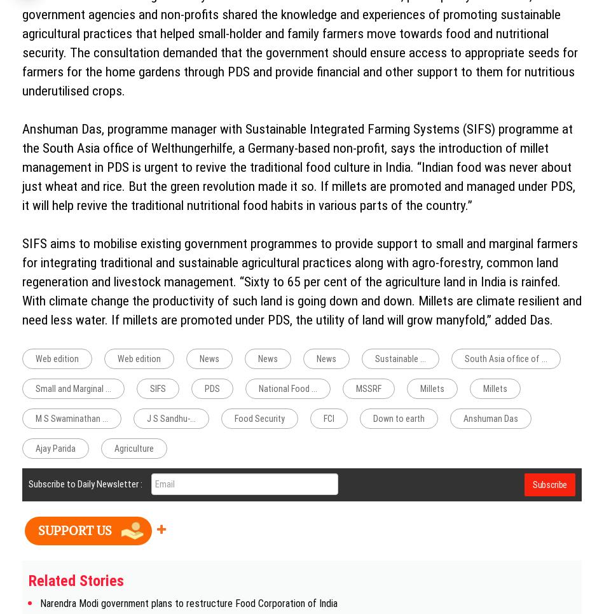 Image resolution: width=604 pixels, height=614 pixels. I want to click on 'M S Swaminathan …', so click(71, 419).